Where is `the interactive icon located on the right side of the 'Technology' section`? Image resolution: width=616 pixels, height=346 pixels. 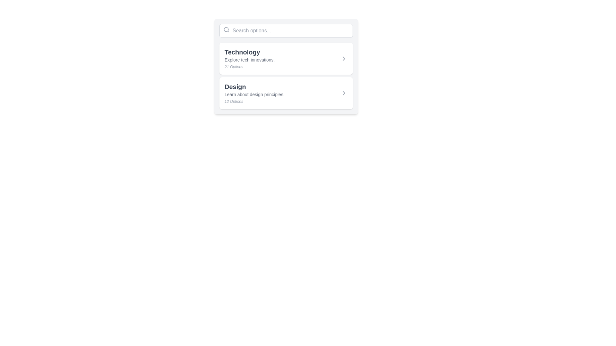 the interactive icon located on the right side of the 'Technology' section is located at coordinates (343, 58).